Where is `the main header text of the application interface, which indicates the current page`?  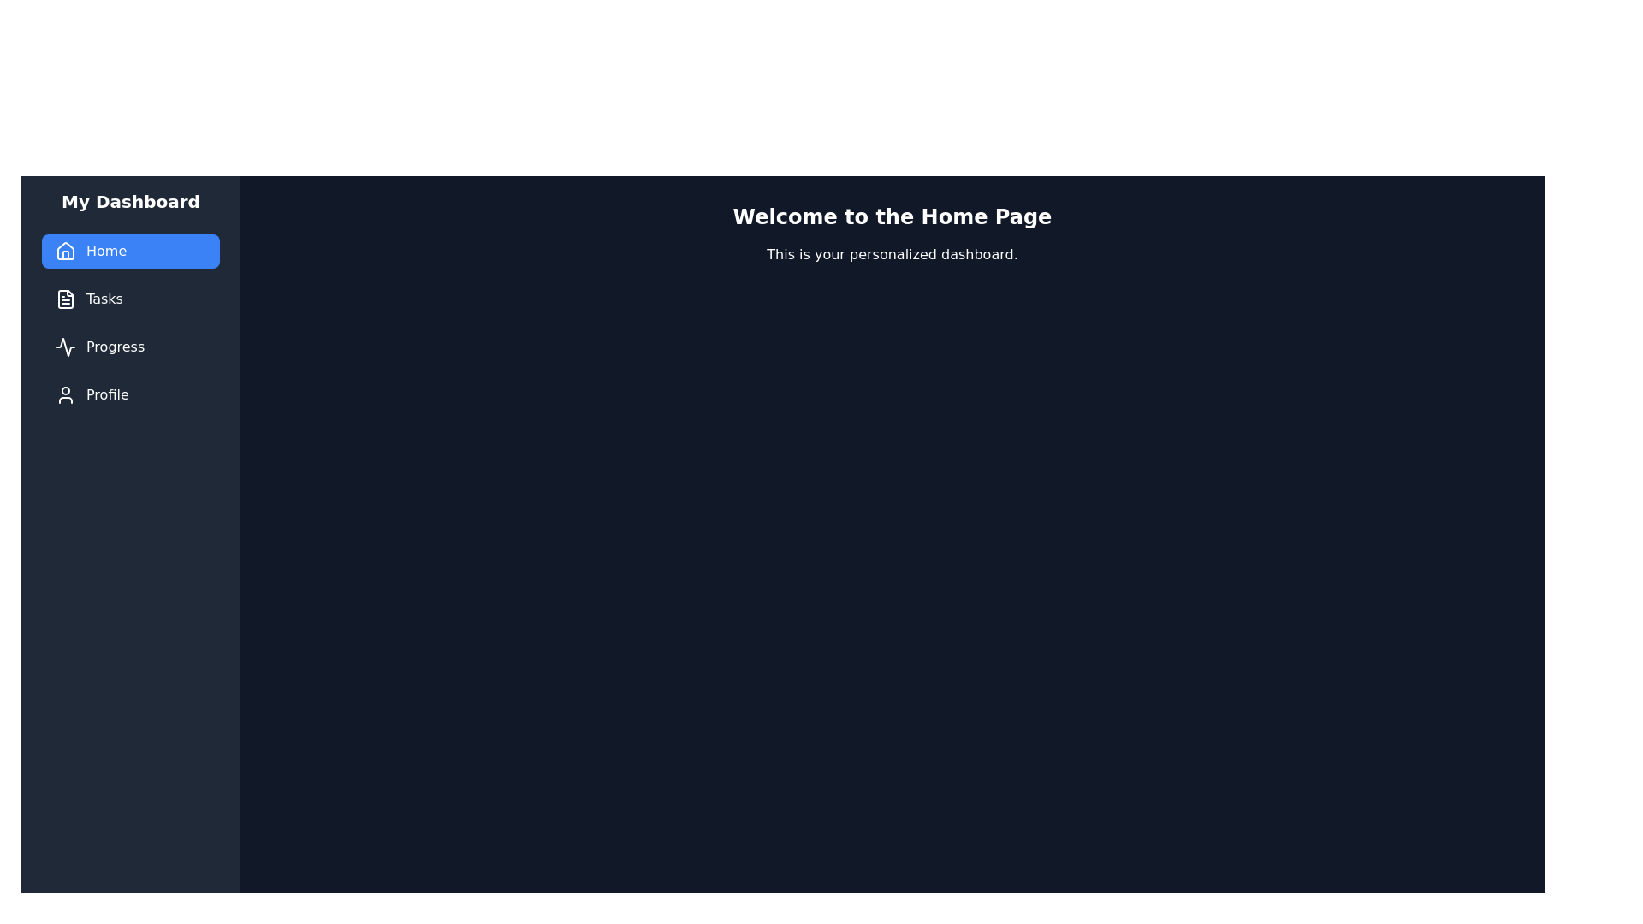
the main header text of the application interface, which indicates the current page is located at coordinates (891, 216).